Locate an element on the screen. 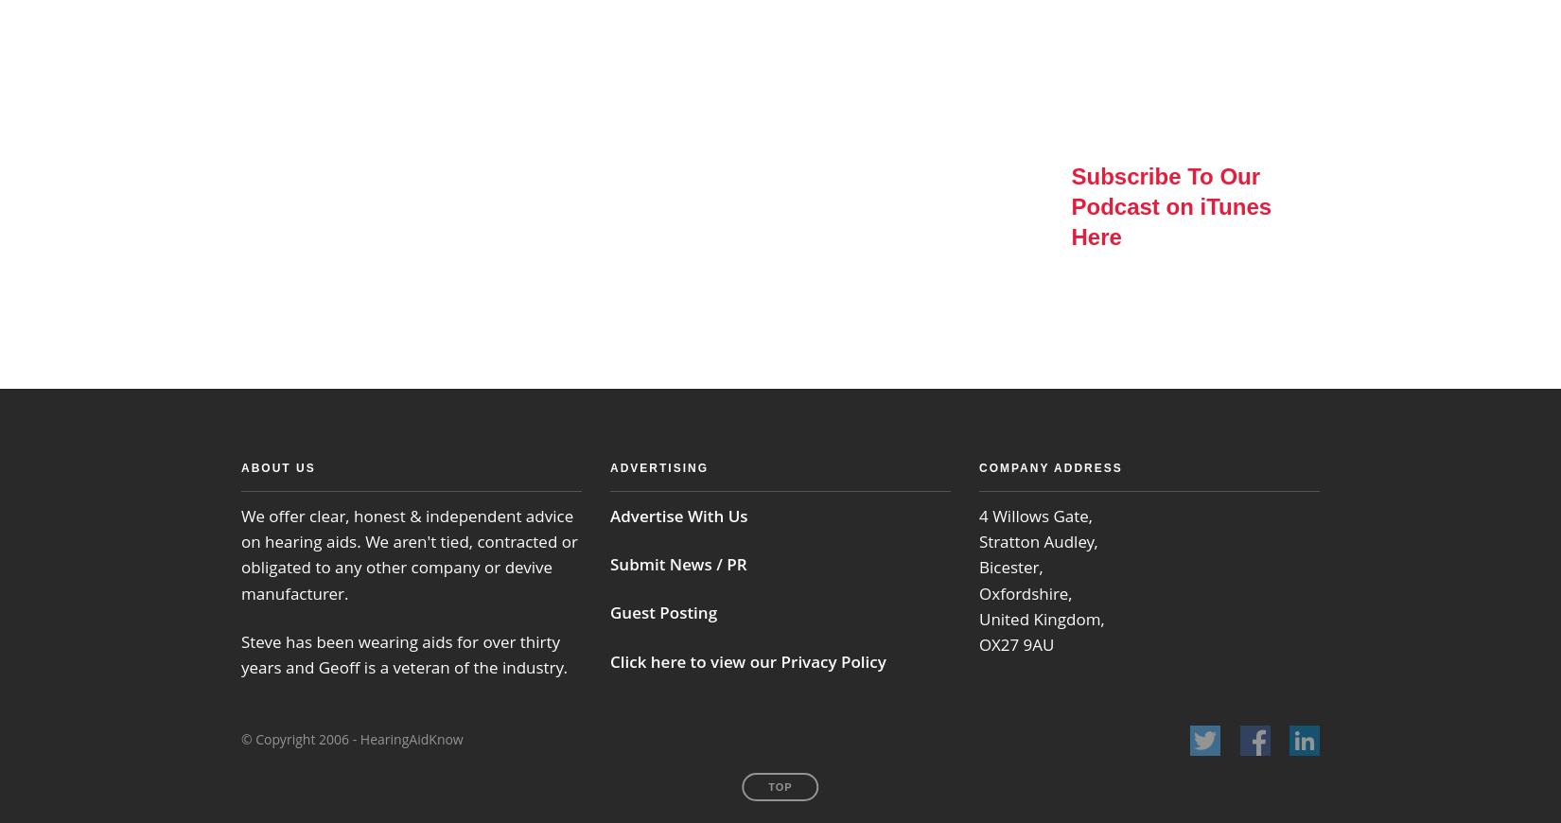 This screenshot has height=823, width=1561. 'We offer clear, honest & independent advice on hearing aids. We aren't tied, contracted or obligated to any other company or devive manufacturer.' is located at coordinates (240, 552).